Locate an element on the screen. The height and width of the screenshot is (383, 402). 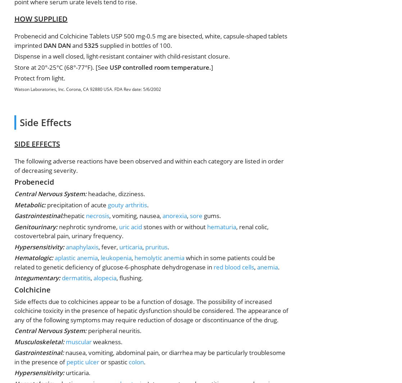
'leukopenia' is located at coordinates (115, 257).